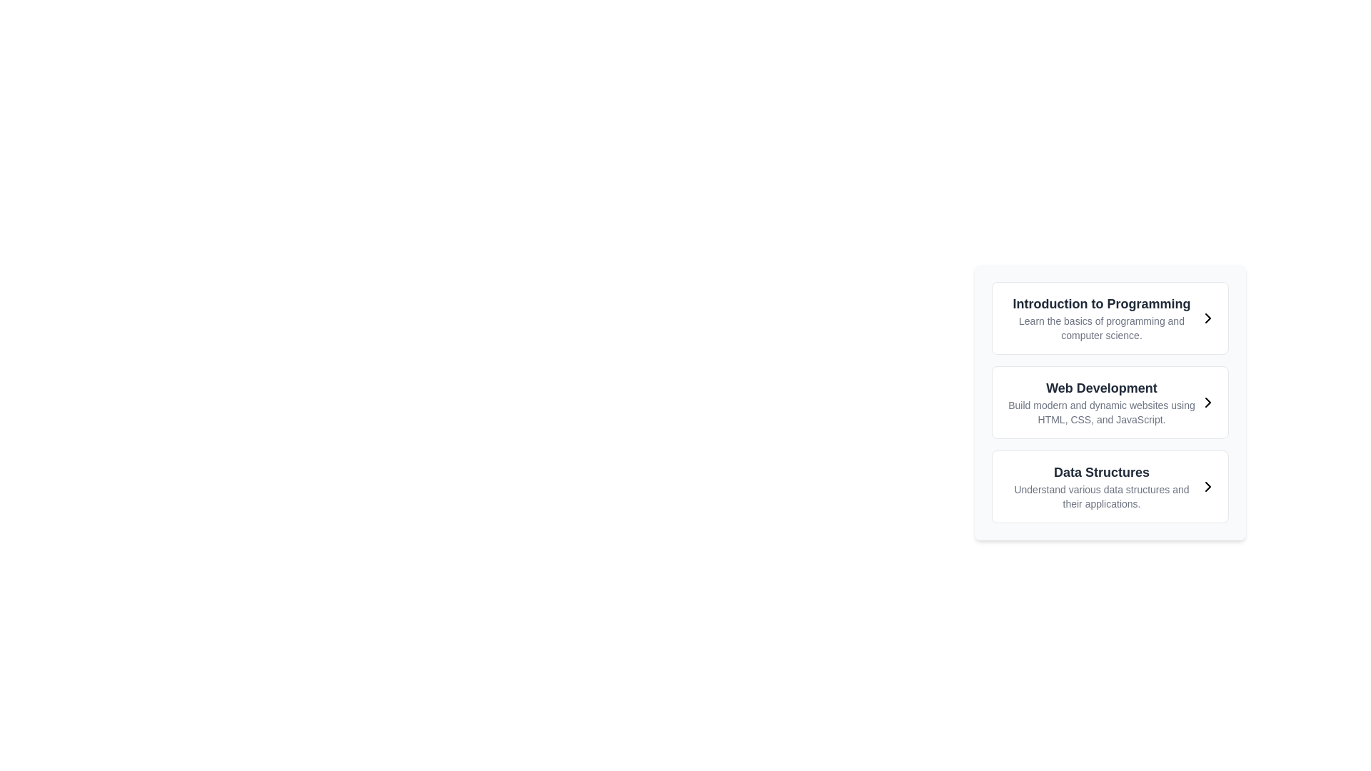 This screenshot has width=1371, height=771. I want to click on the list item containing the title 'Data Structures' and description 'Understand various data structures and their applications.' which is the last entry in a vertically stacked list, so click(1100, 486).